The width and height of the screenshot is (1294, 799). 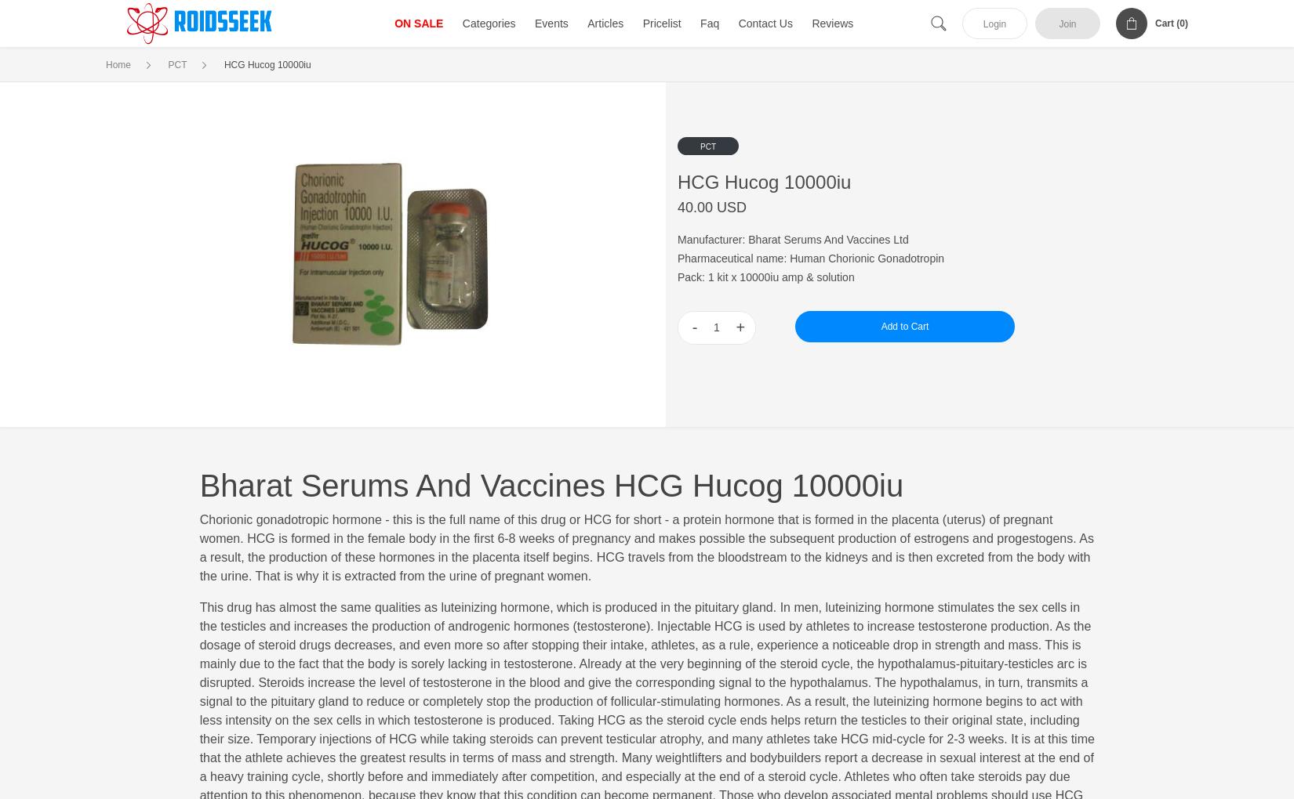 I want to click on 'travels from the bloodstream to the kidneys and is then excreted from the body with the urine. That is why it is extracted from the urine of pregnant women.', so click(x=644, y=566).